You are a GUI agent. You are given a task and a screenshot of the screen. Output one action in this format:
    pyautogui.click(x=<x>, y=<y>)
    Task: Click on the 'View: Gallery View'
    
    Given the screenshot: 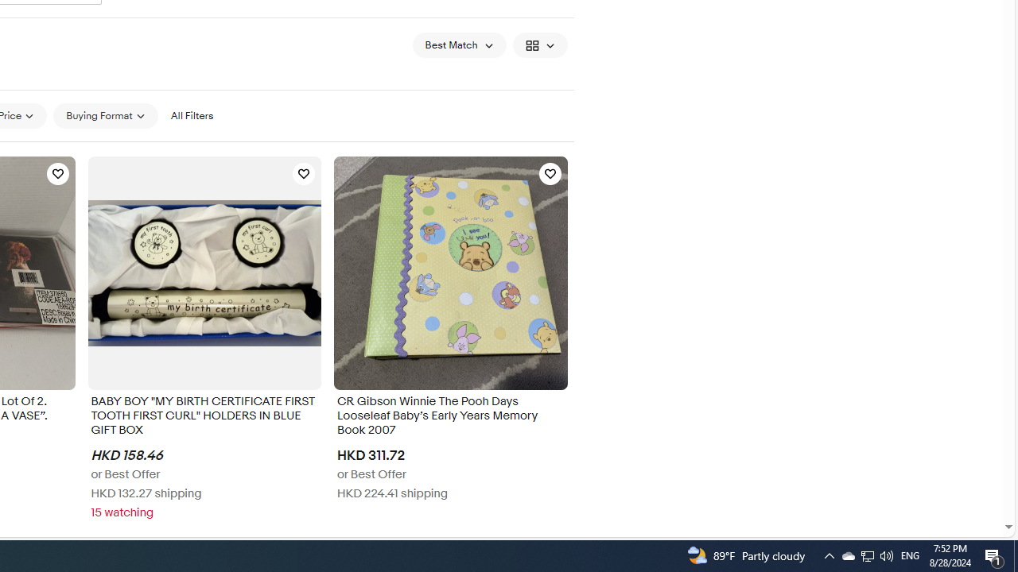 What is the action you would take?
    pyautogui.click(x=540, y=44)
    